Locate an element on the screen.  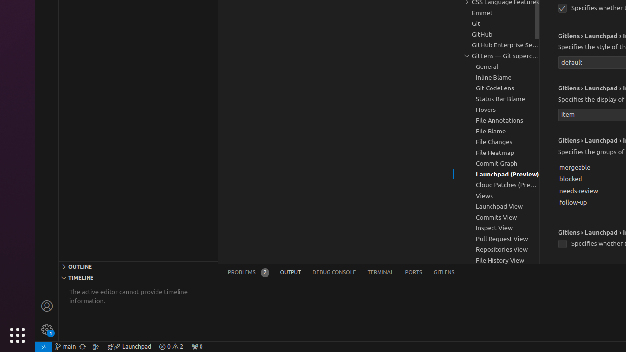
'Launchpad (Preview), group' is located at coordinates (496, 173).